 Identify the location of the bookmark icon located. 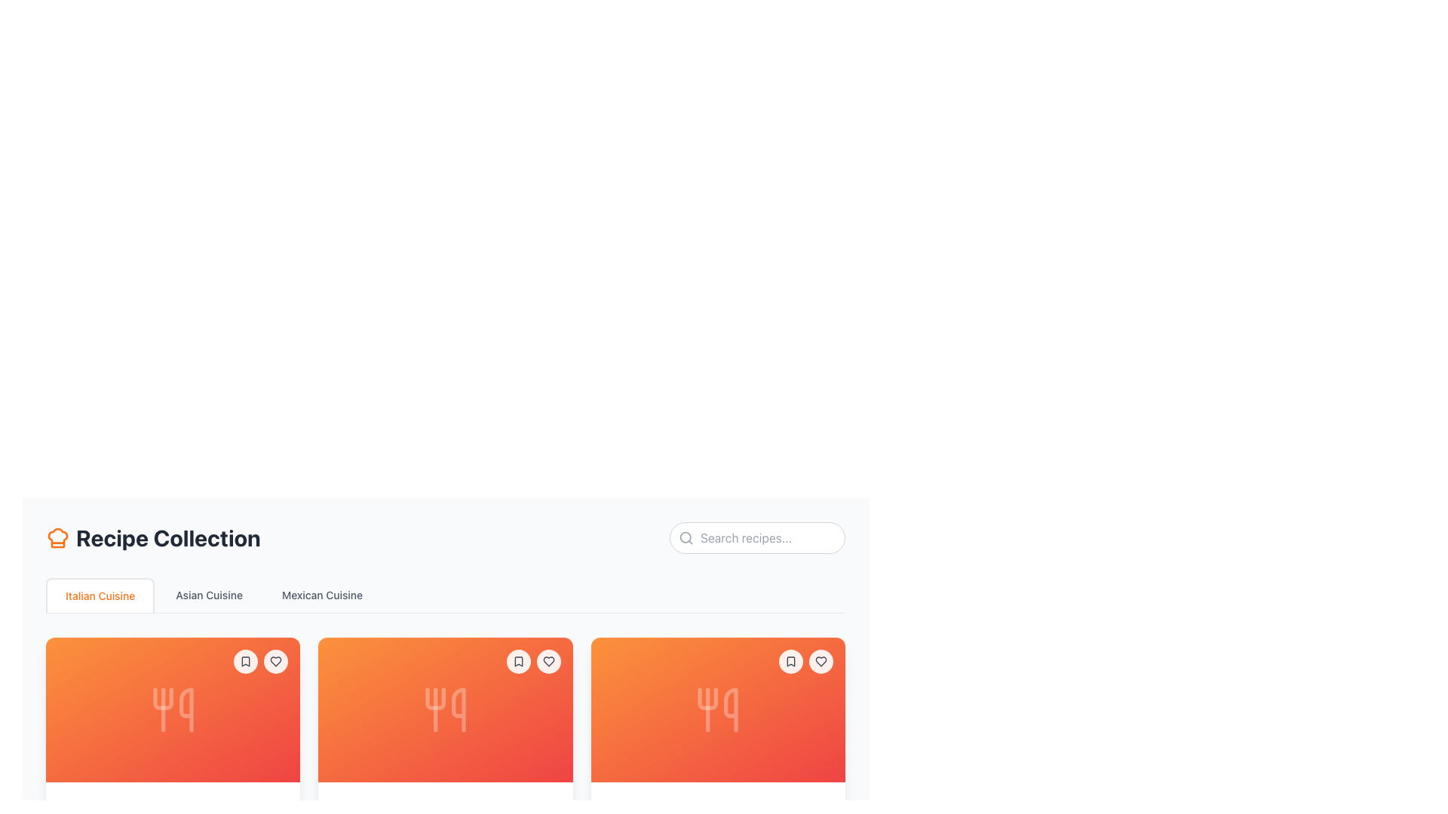
(518, 661).